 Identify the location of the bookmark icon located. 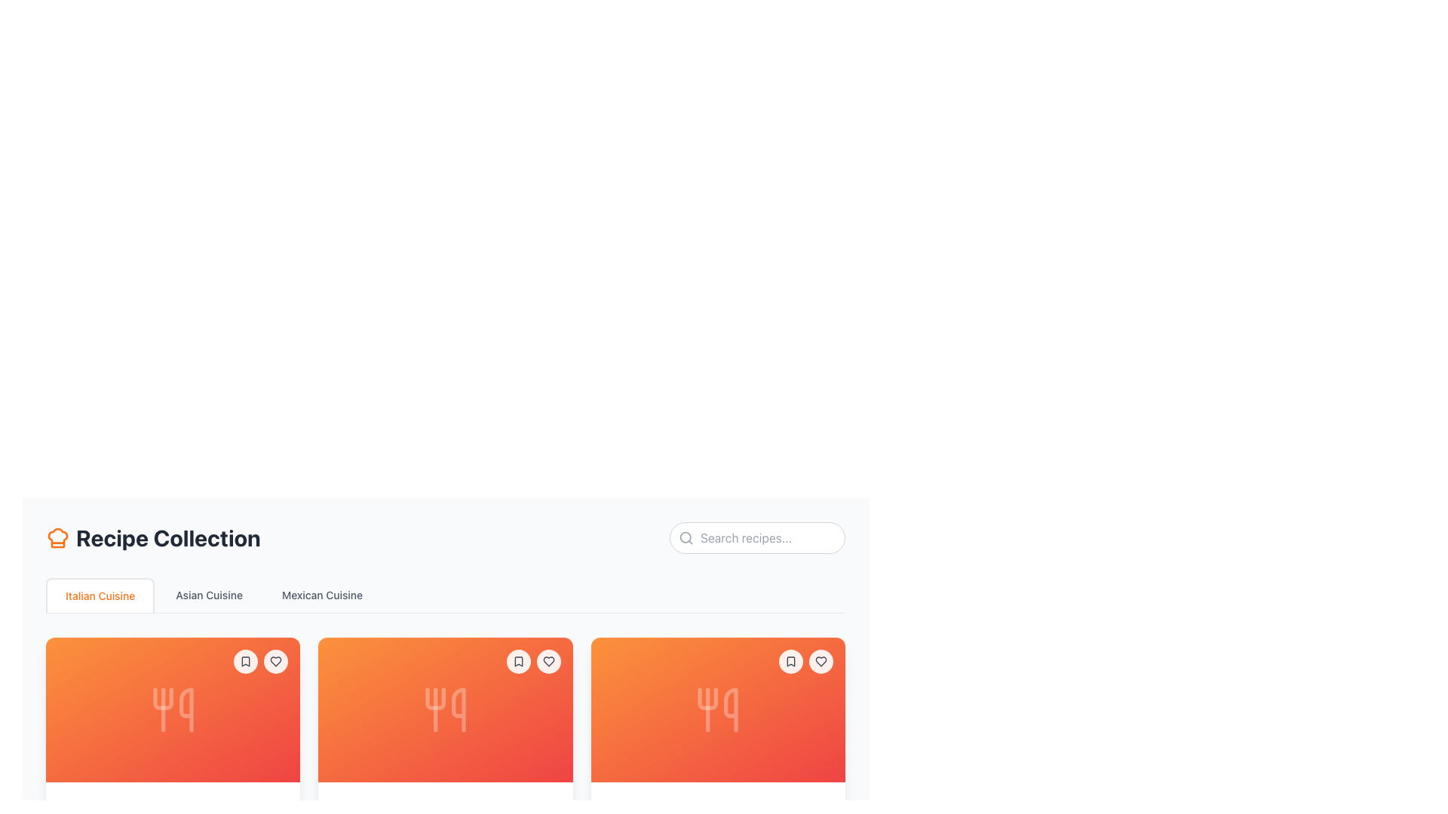
(518, 661).